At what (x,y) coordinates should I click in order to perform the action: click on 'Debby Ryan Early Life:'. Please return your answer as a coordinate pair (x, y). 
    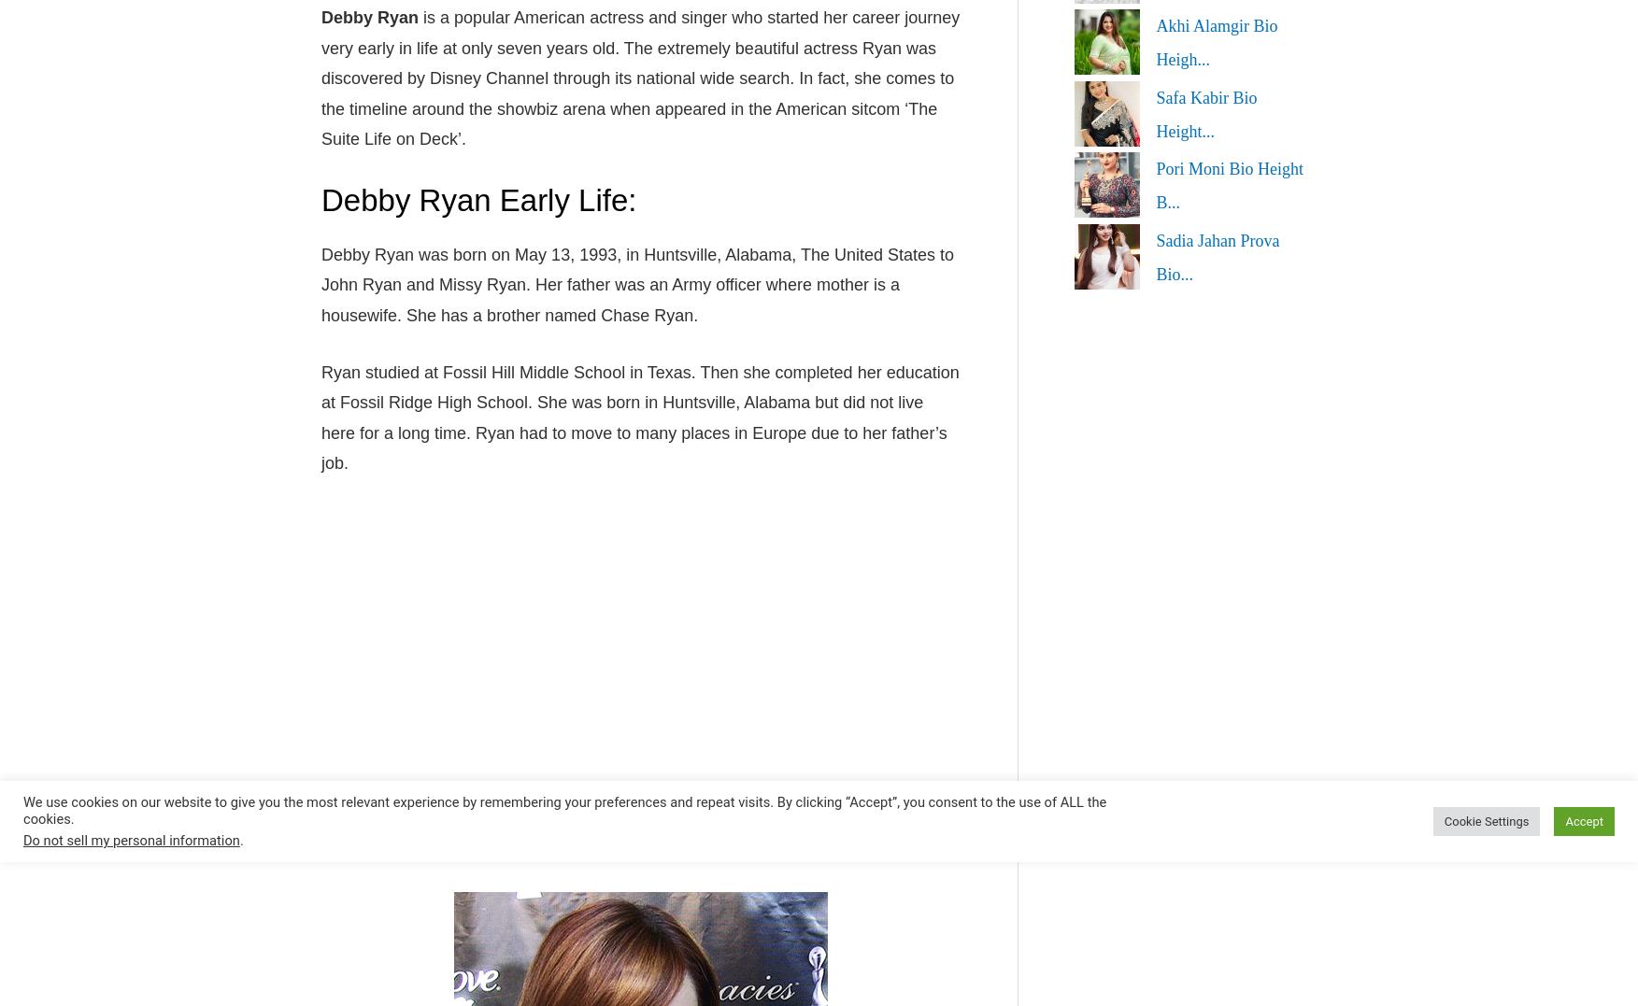
    Looking at the image, I should click on (320, 200).